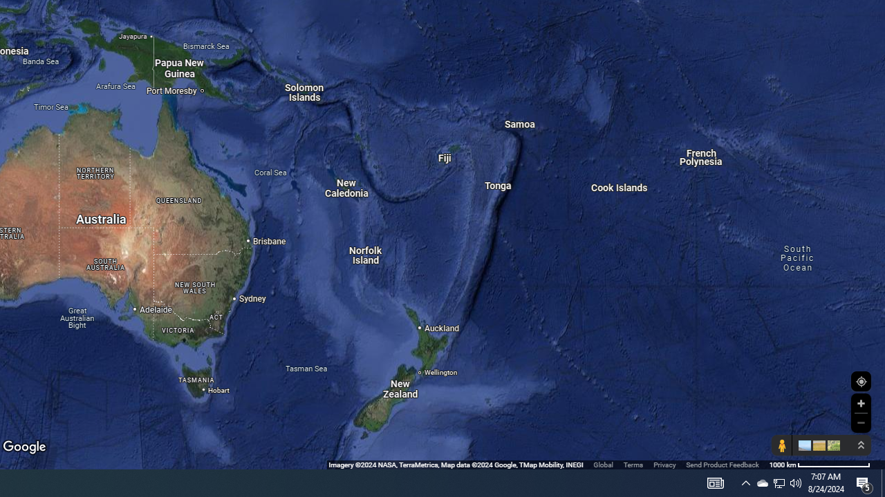 Image resolution: width=885 pixels, height=497 pixels. I want to click on 'Show Street View coverage', so click(781, 445).